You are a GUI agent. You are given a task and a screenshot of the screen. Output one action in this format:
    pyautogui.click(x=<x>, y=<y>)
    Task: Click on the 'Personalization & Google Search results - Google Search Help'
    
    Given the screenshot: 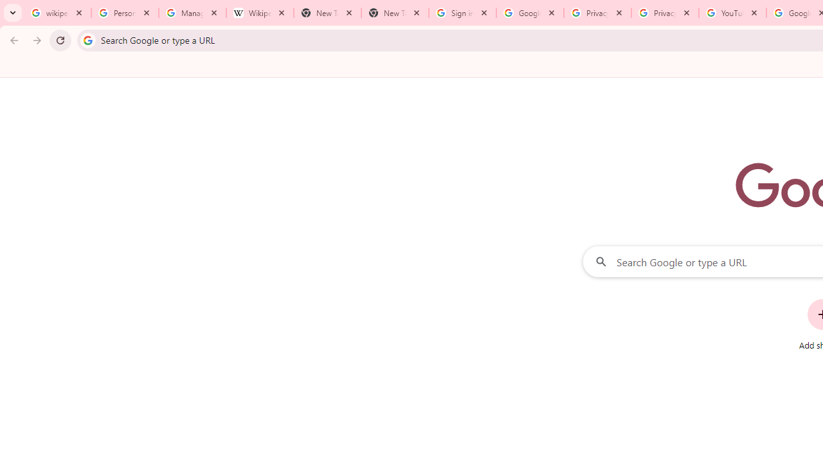 What is the action you would take?
    pyautogui.click(x=125, y=13)
    